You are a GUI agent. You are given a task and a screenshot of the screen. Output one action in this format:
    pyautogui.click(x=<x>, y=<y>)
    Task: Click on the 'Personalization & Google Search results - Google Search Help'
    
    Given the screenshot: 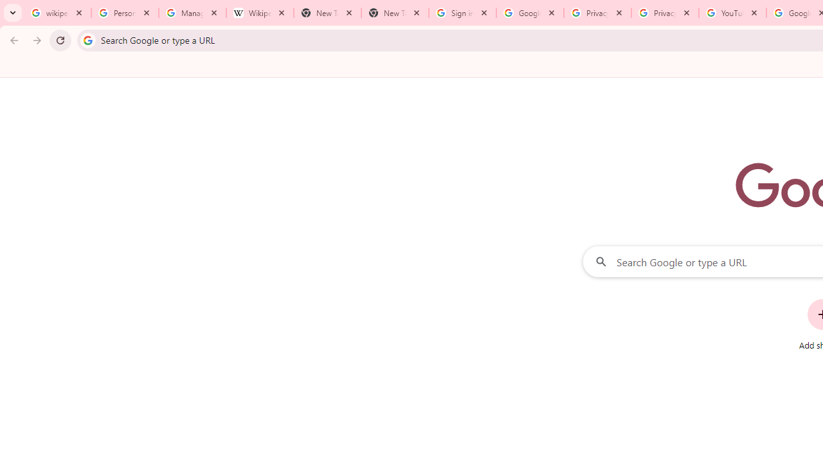 What is the action you would take?
    pyautogui.click(x=125, y=13)
    